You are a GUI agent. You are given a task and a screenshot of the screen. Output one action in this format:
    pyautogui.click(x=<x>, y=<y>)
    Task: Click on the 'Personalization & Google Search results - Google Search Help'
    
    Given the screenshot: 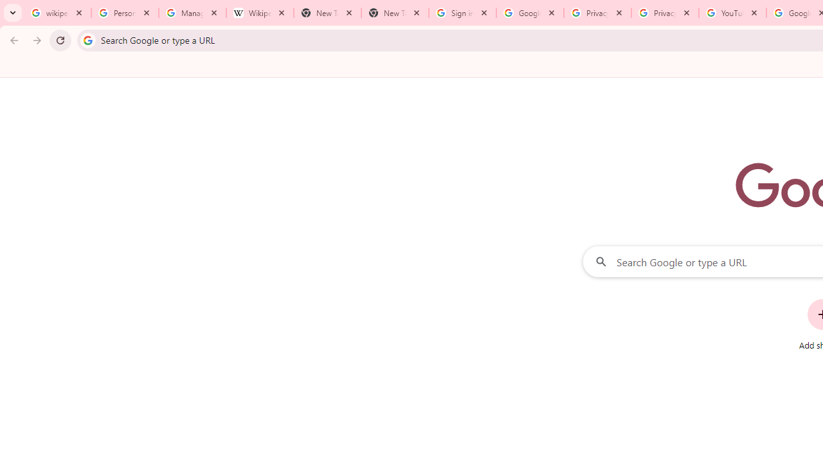 What is the action you would take?
    pyautogui.click(x=125, y=13)
    